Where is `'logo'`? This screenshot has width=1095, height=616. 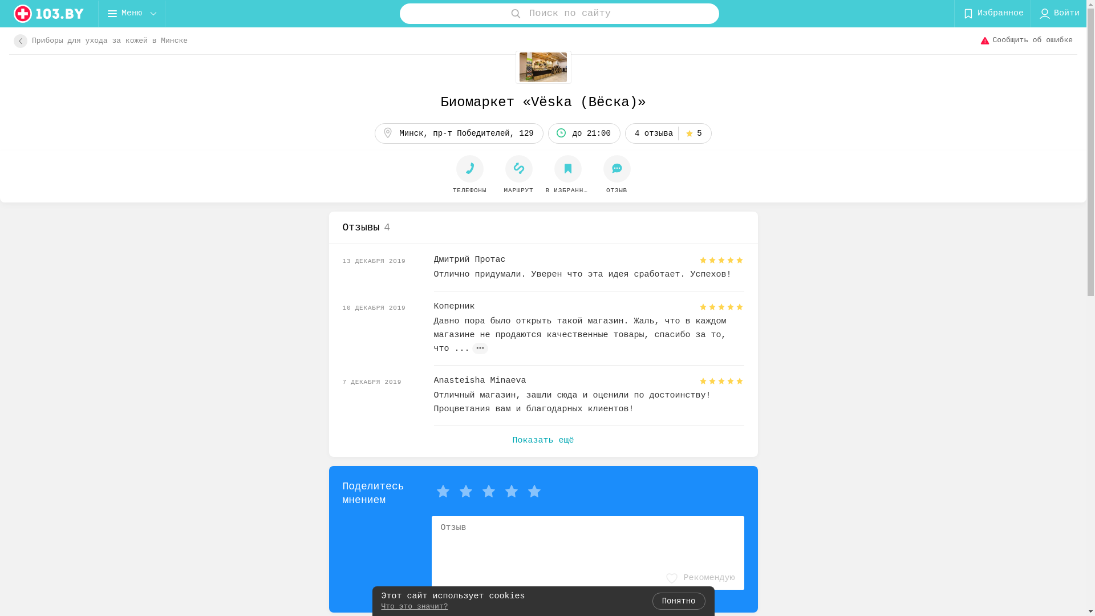
'logo' is located at coordinates (14, 13).